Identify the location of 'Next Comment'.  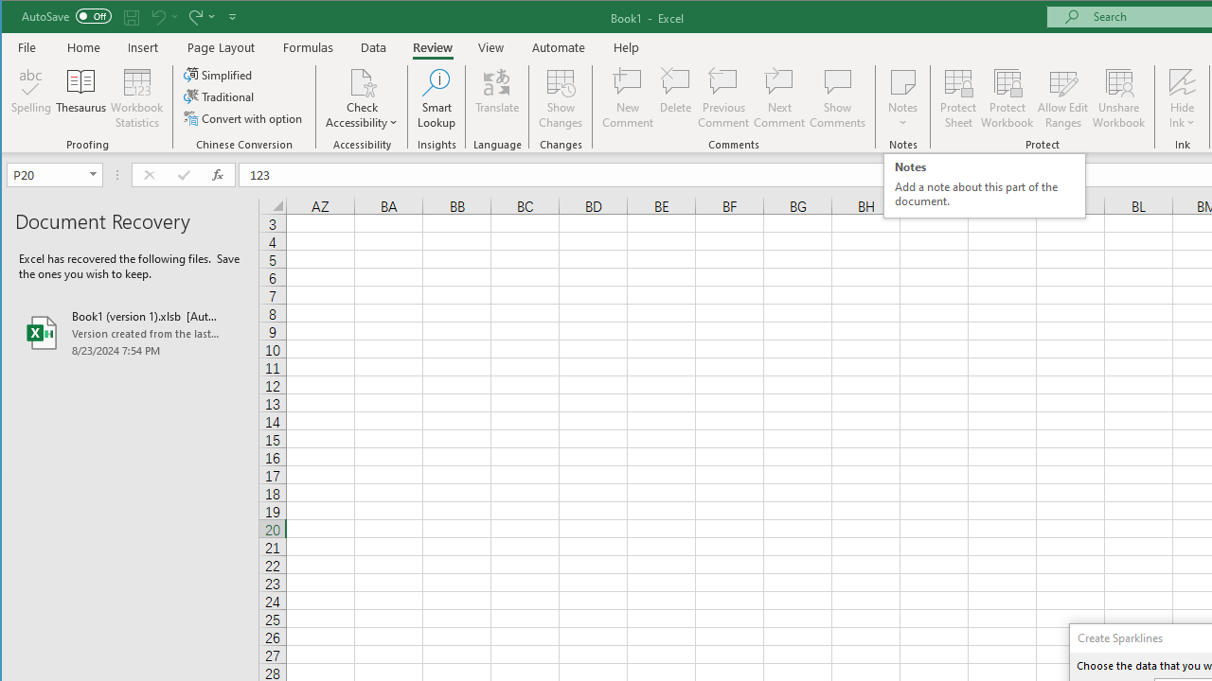
(779, 98).